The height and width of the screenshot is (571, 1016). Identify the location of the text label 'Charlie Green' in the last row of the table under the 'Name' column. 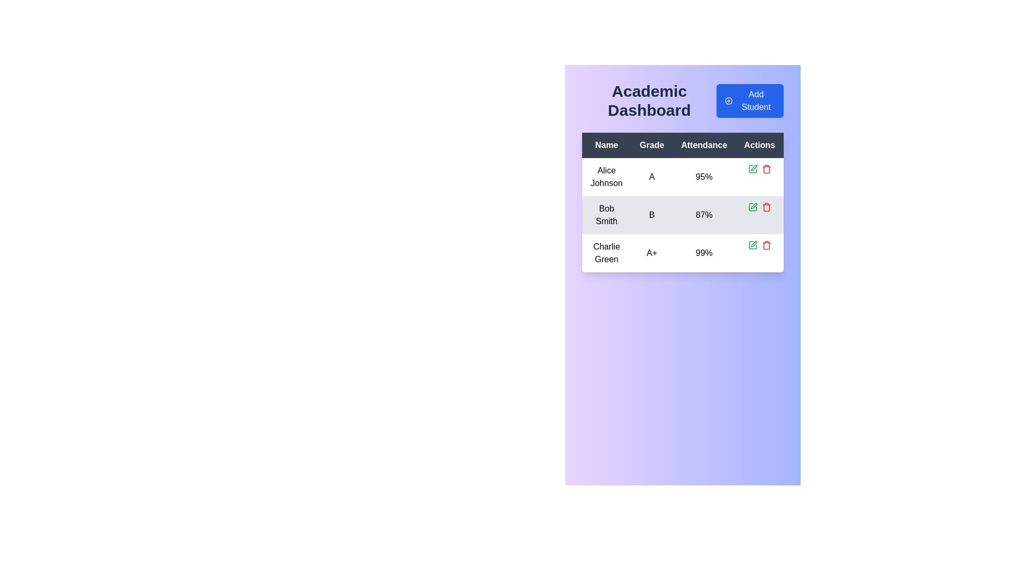
(606, 253).